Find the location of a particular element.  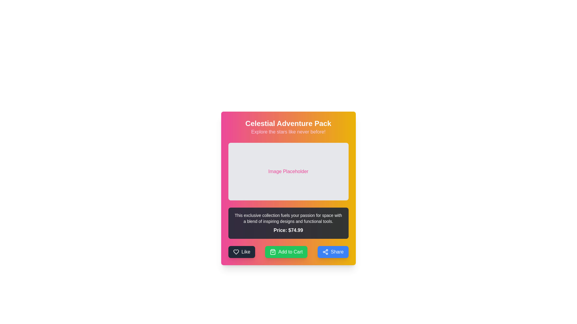

the shopping bag icon within the 'Add to Cart' button is located at coordinates (273, 252).